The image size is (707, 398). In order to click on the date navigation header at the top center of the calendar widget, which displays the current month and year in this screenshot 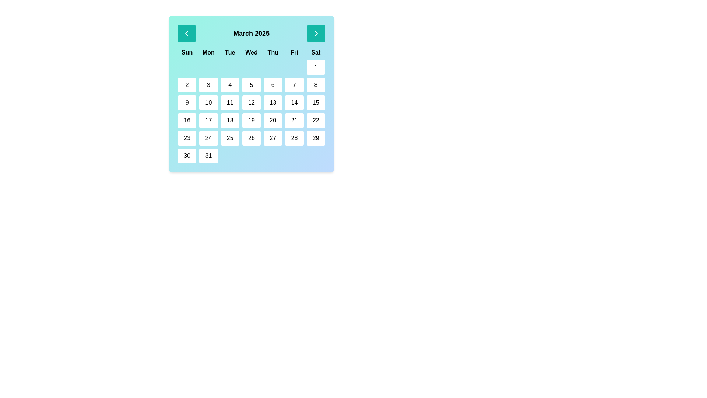, I will do `click(251, 34)`.